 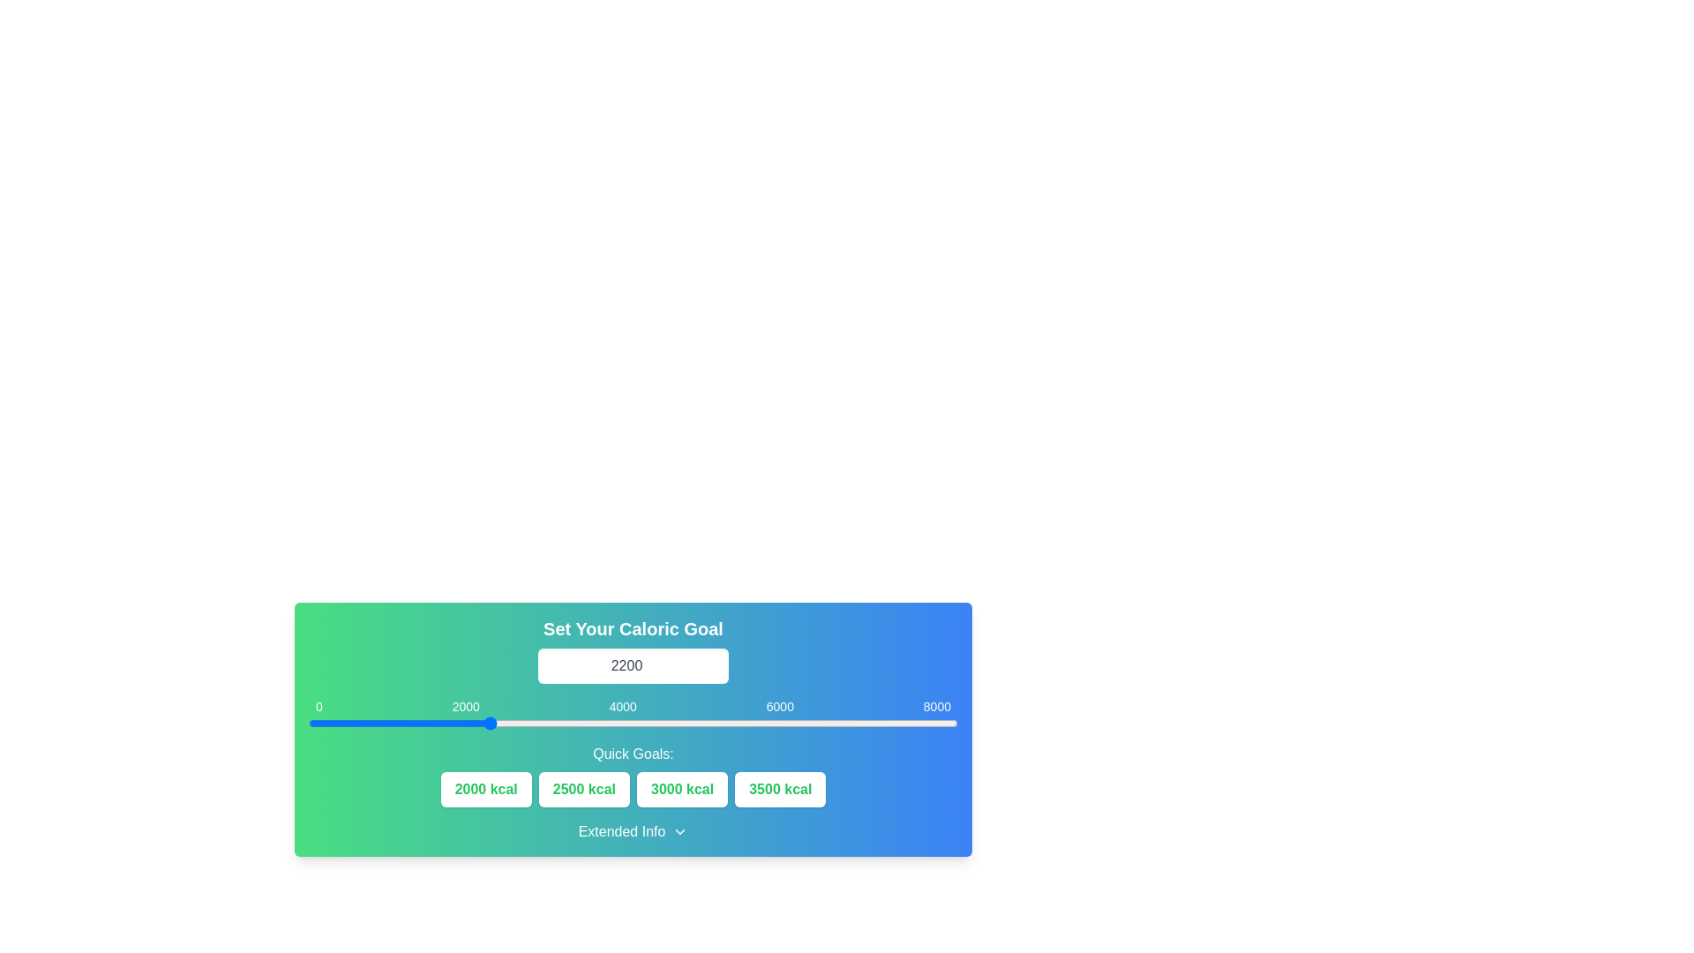 I want to click on caloric goal, so click(x=877, y=724).